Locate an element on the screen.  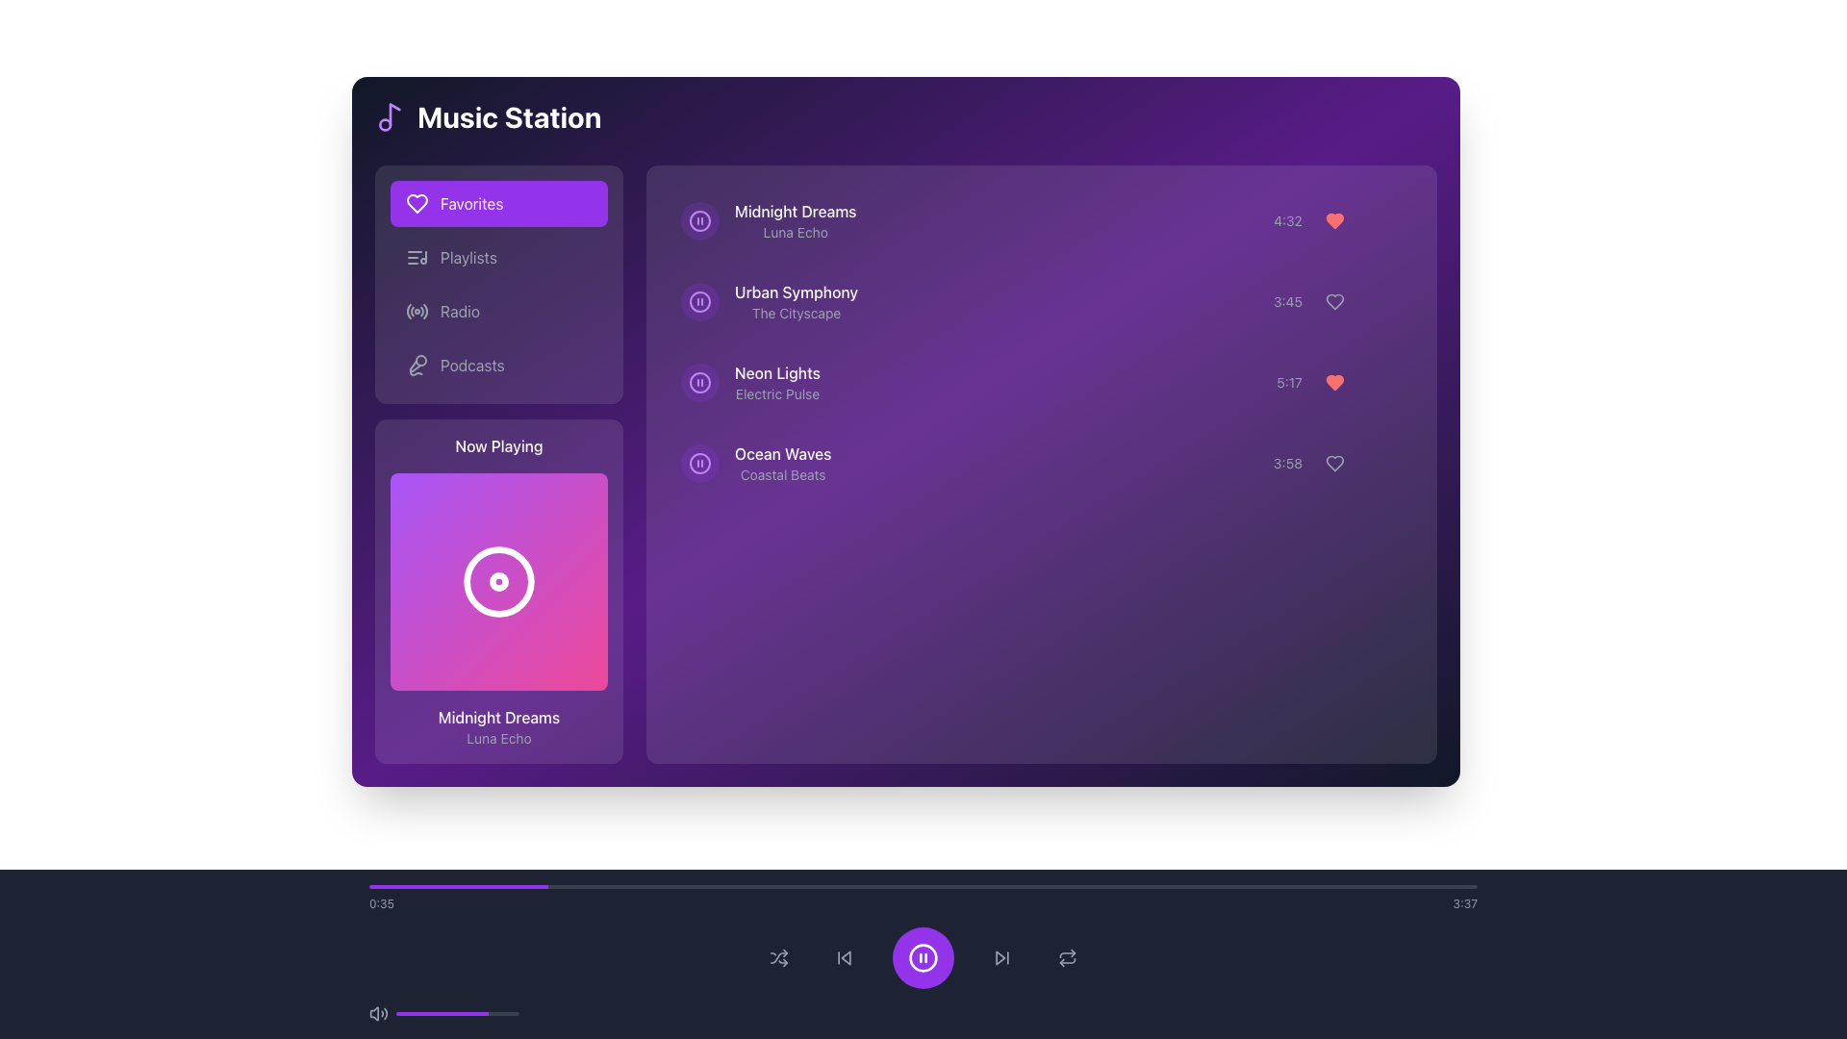
the progress bar element located at the bottom section of the interface is located at coordinates (456, 1012).